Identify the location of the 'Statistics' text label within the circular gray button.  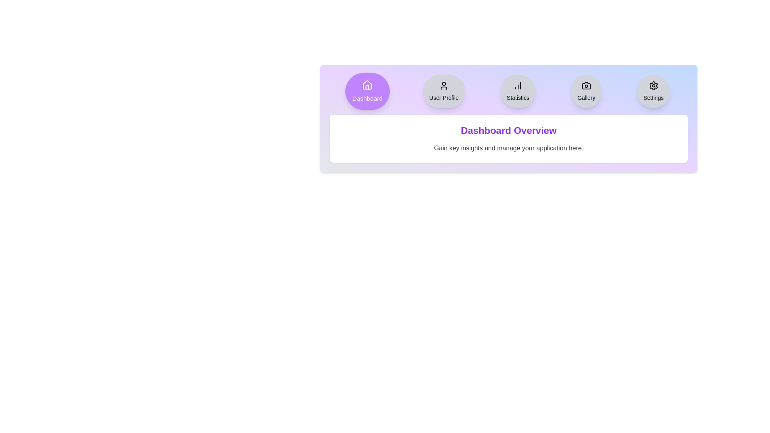
(518, 97).